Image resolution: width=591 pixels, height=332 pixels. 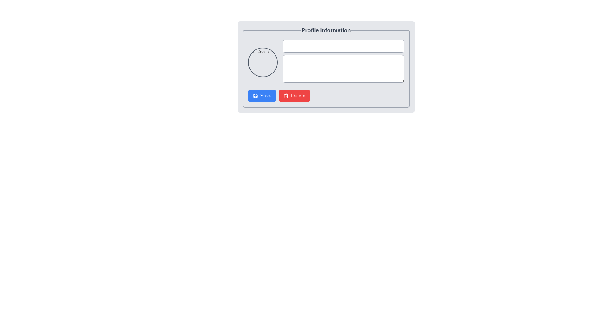 I want to click on the 'Delete' button, which is a rectangular button with rounded edges, bold red background, and white text, located in the 'Profile Information' panel, so click(x=294, y=96).